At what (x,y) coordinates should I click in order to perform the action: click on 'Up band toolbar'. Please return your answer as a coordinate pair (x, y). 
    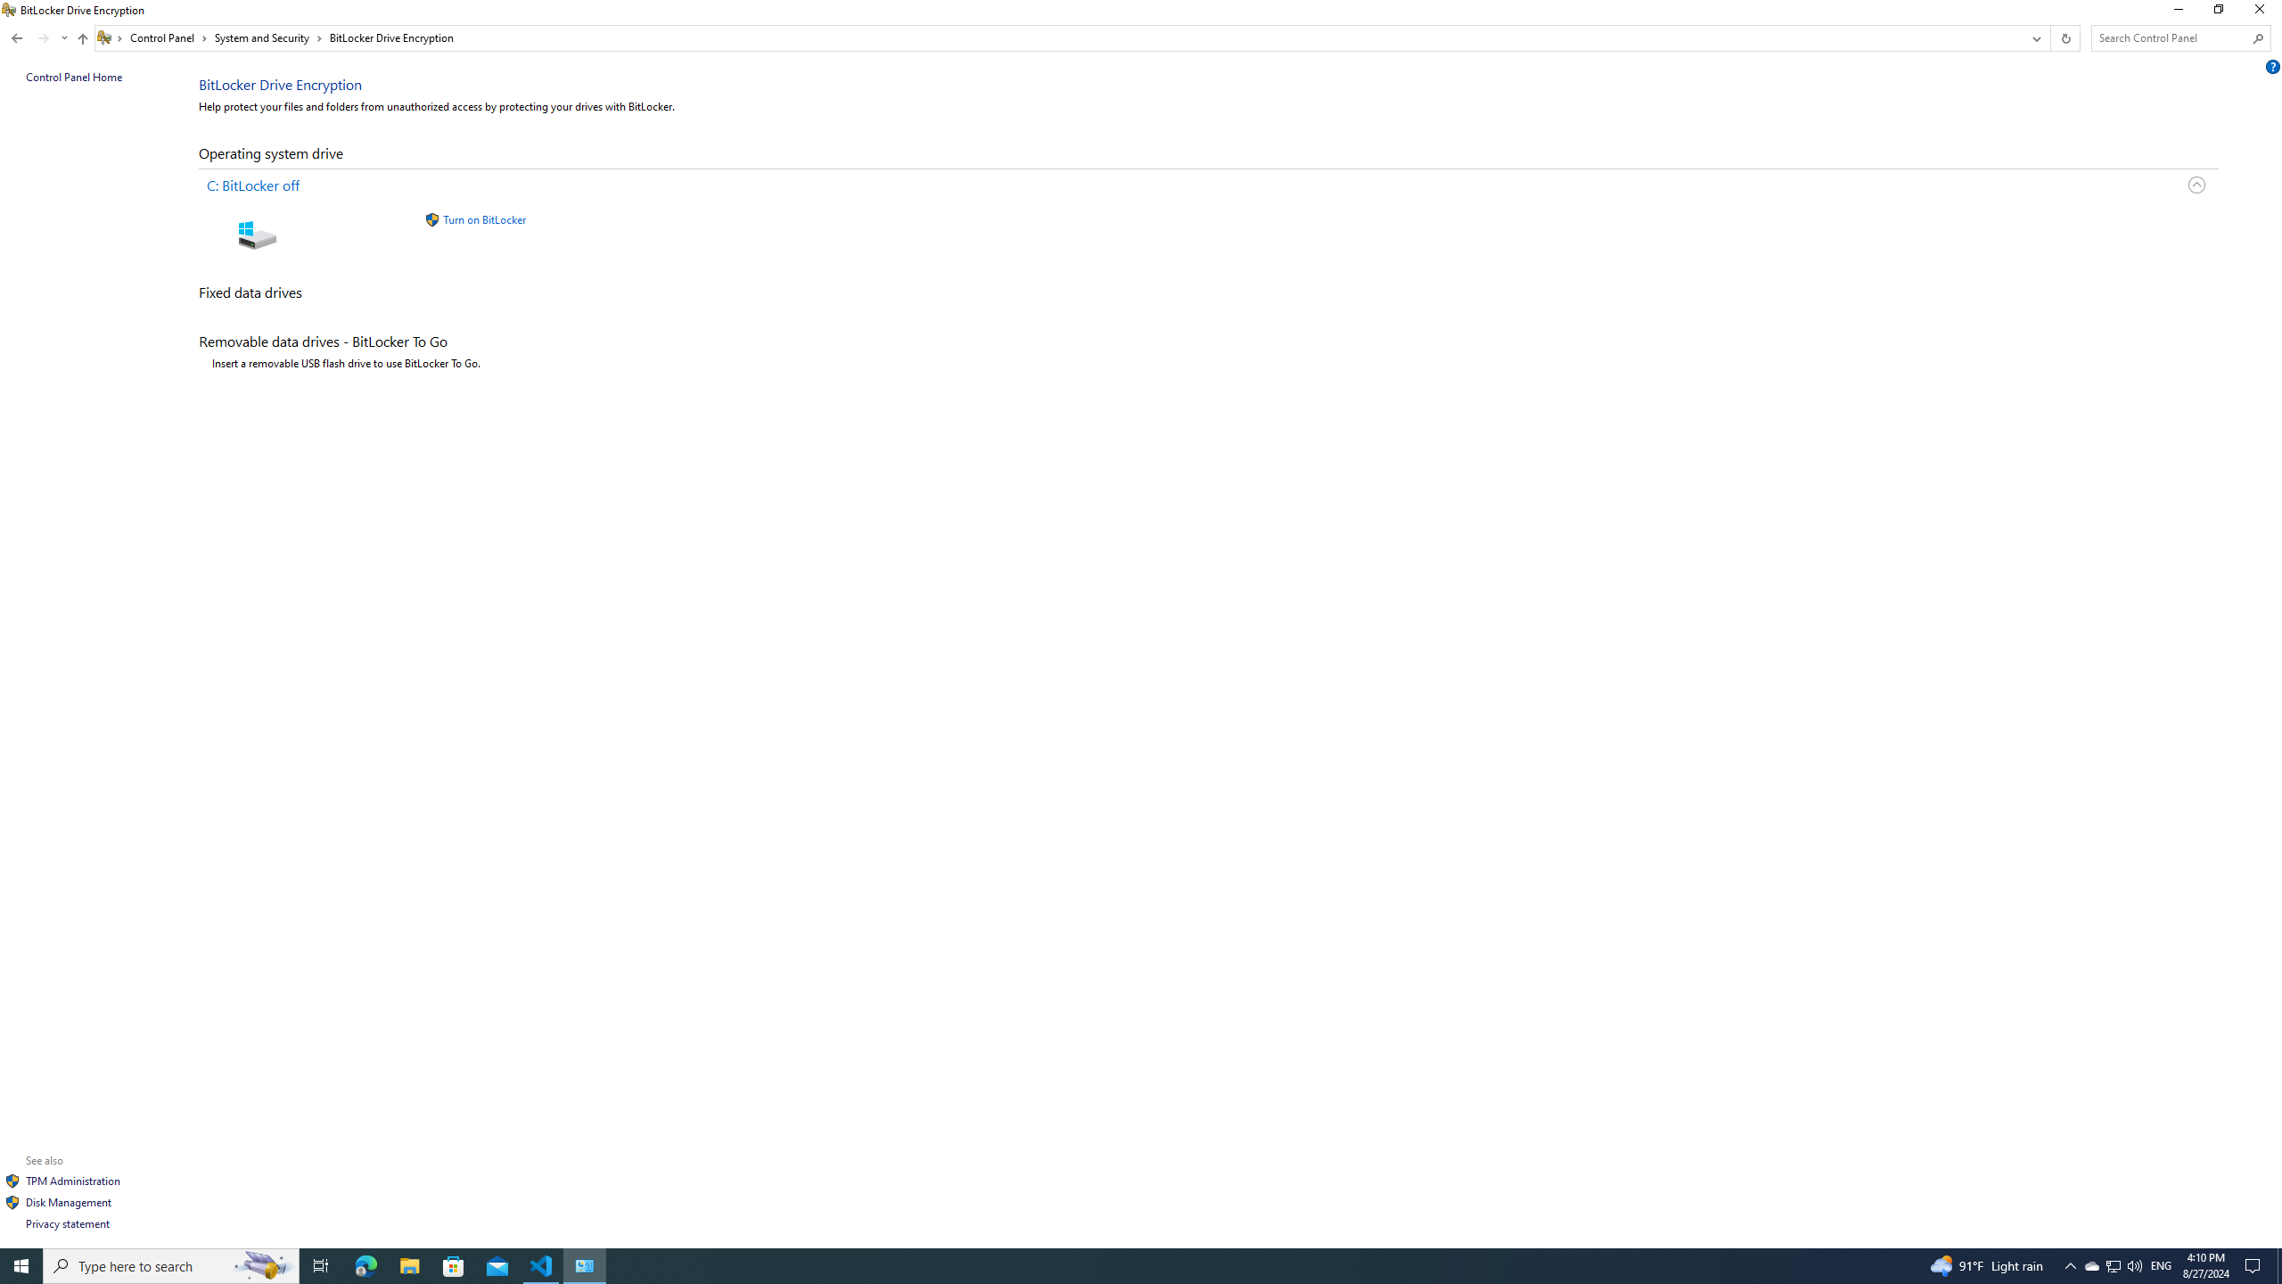
    Looking at the image, I should click on (83, 40).